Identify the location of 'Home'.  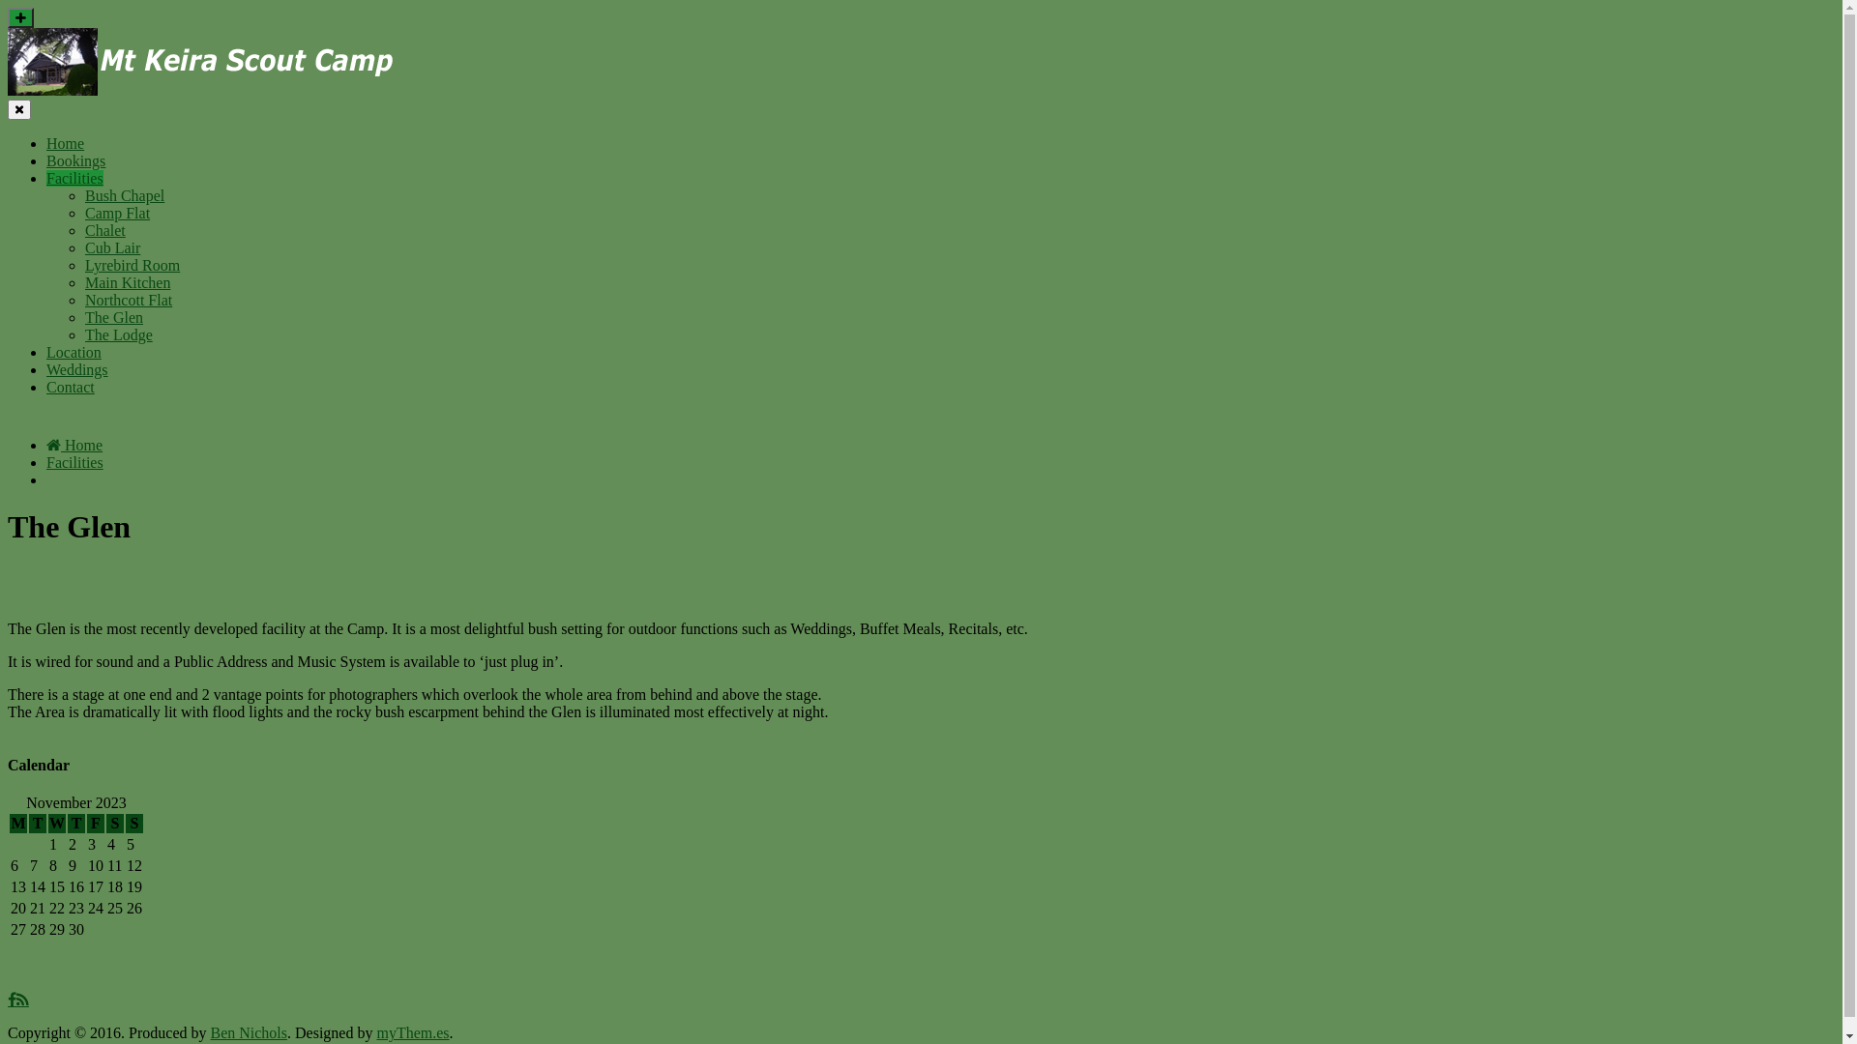
(74, 445).